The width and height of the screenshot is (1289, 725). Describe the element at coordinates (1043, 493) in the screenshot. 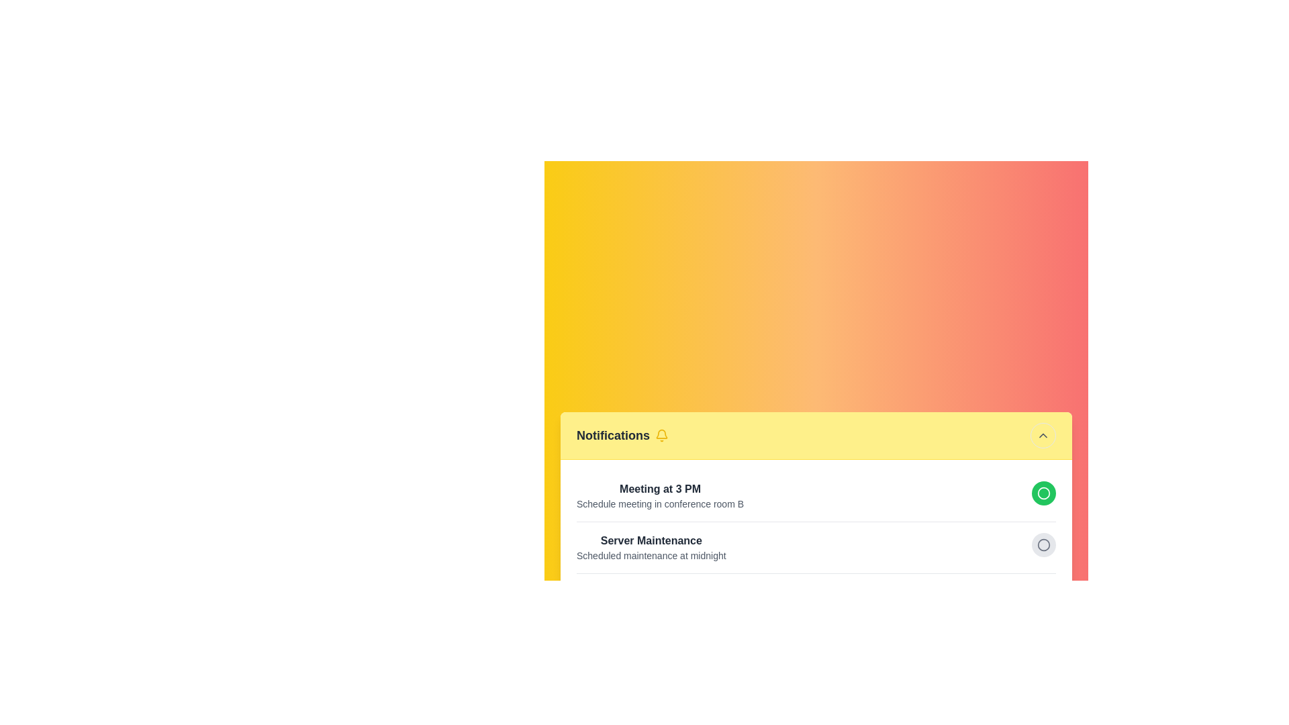

I see `the Circle icon representing the second notification in the notification pane, located near the right edge and aligned with the corresponding list item text` at that location.